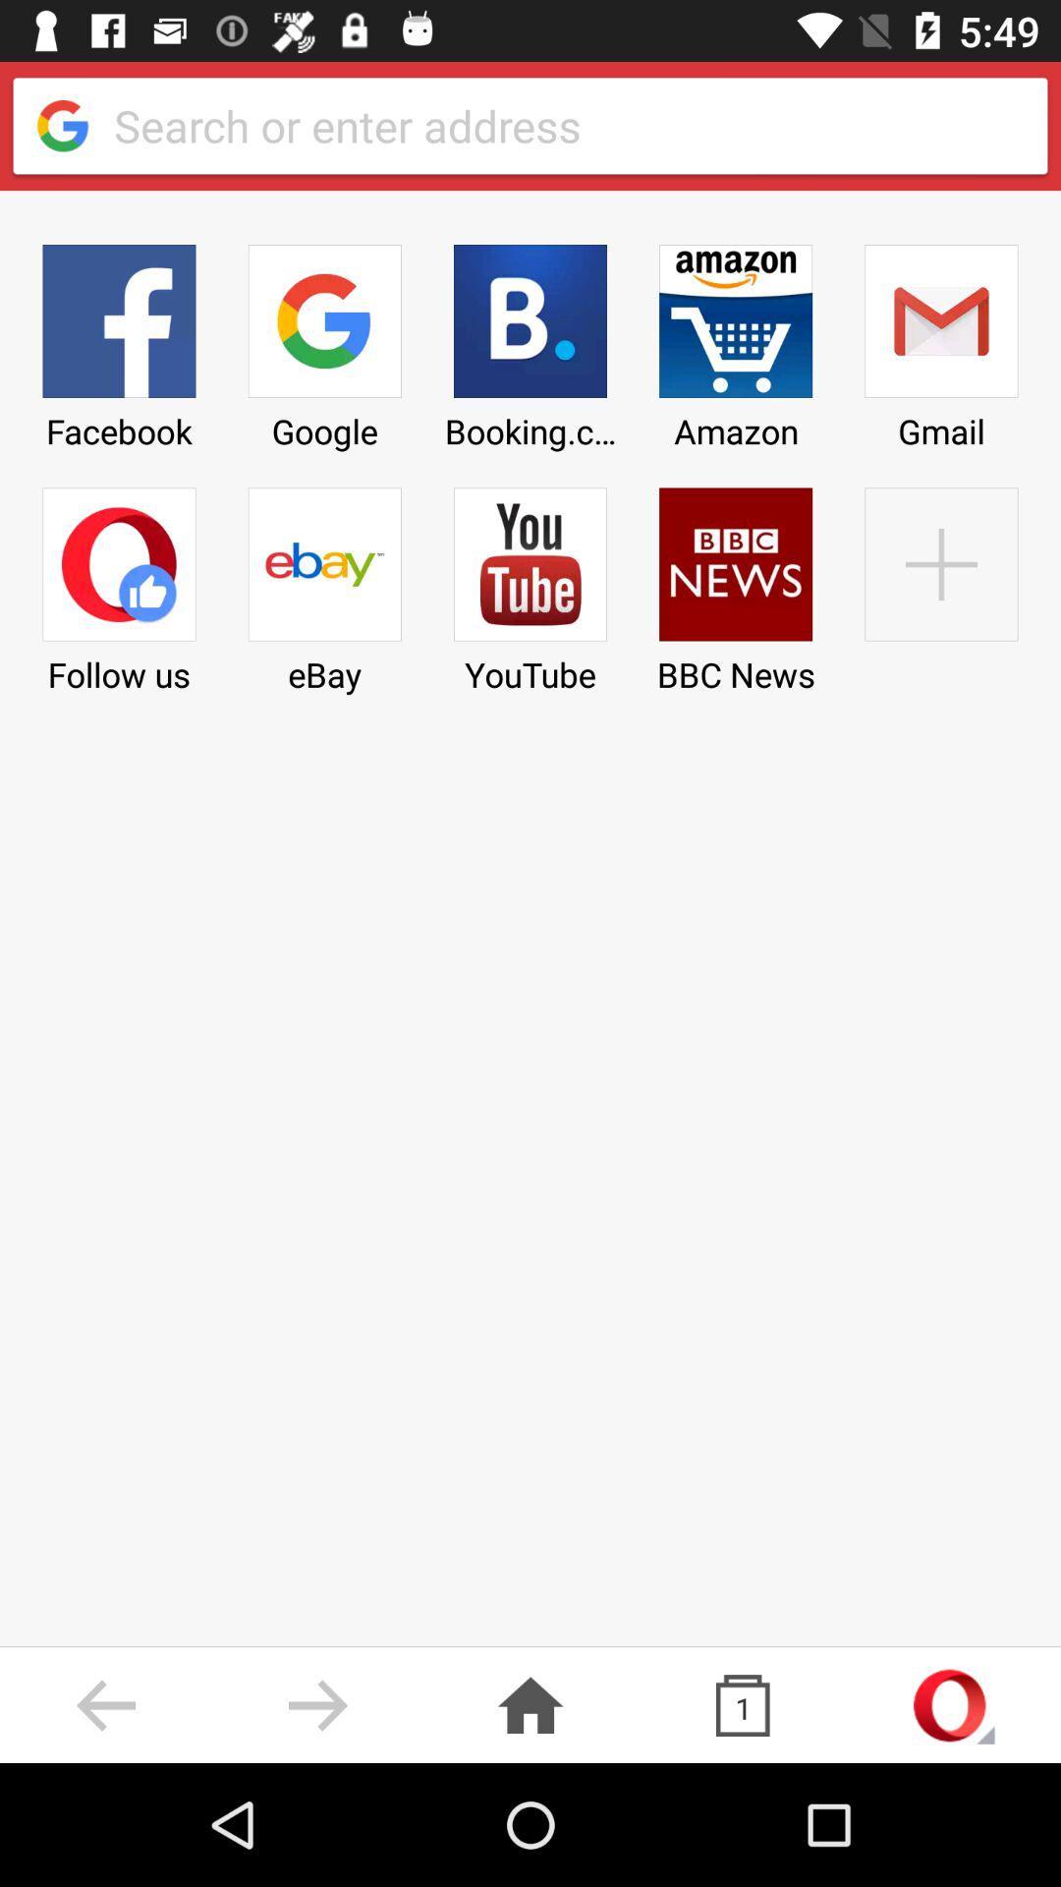  What do you see at coordinates (317, 1704) in the screenshot?
I see `the arrow_forward icon` at bounding box center [317, 1704].